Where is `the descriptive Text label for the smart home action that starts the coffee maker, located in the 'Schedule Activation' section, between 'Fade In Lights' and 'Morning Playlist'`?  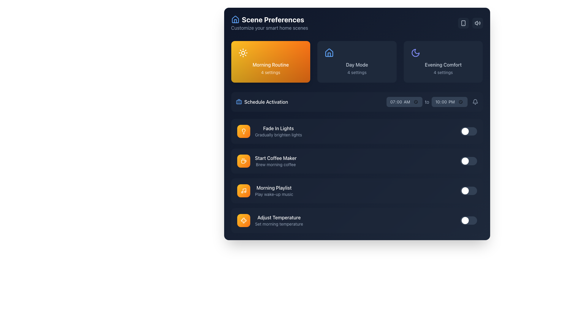 the descriptive Text label for the smart home action that starts the coffee maker, located in the 'Schedule Activation' section, between 'Fade In Lights' and 'Morning Playlist' is located at coordinates (275, 161).